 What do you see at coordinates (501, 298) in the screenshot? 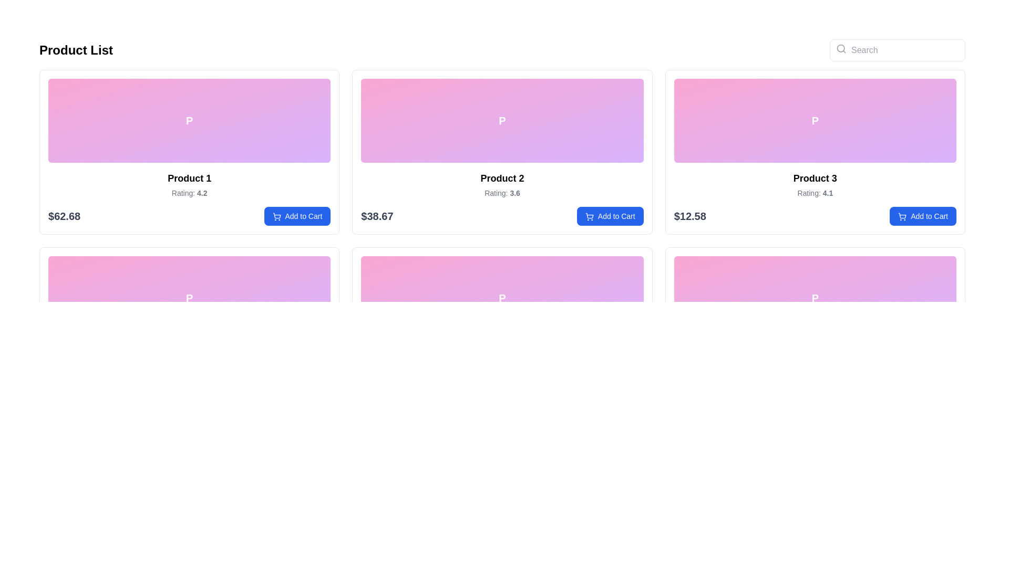
I see `the static graphical representation of the product image for 'Product 5', located in the middle of the second row of products` at bounding box center [501, 298].